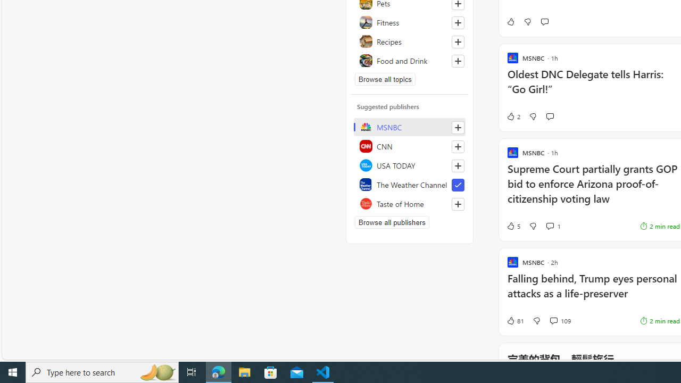 Image resolution: width=681 pixels, height=383 pixels. Describe the element at coordinates (409, 41) in the screenshot. I see `'Recipes'` at that location.